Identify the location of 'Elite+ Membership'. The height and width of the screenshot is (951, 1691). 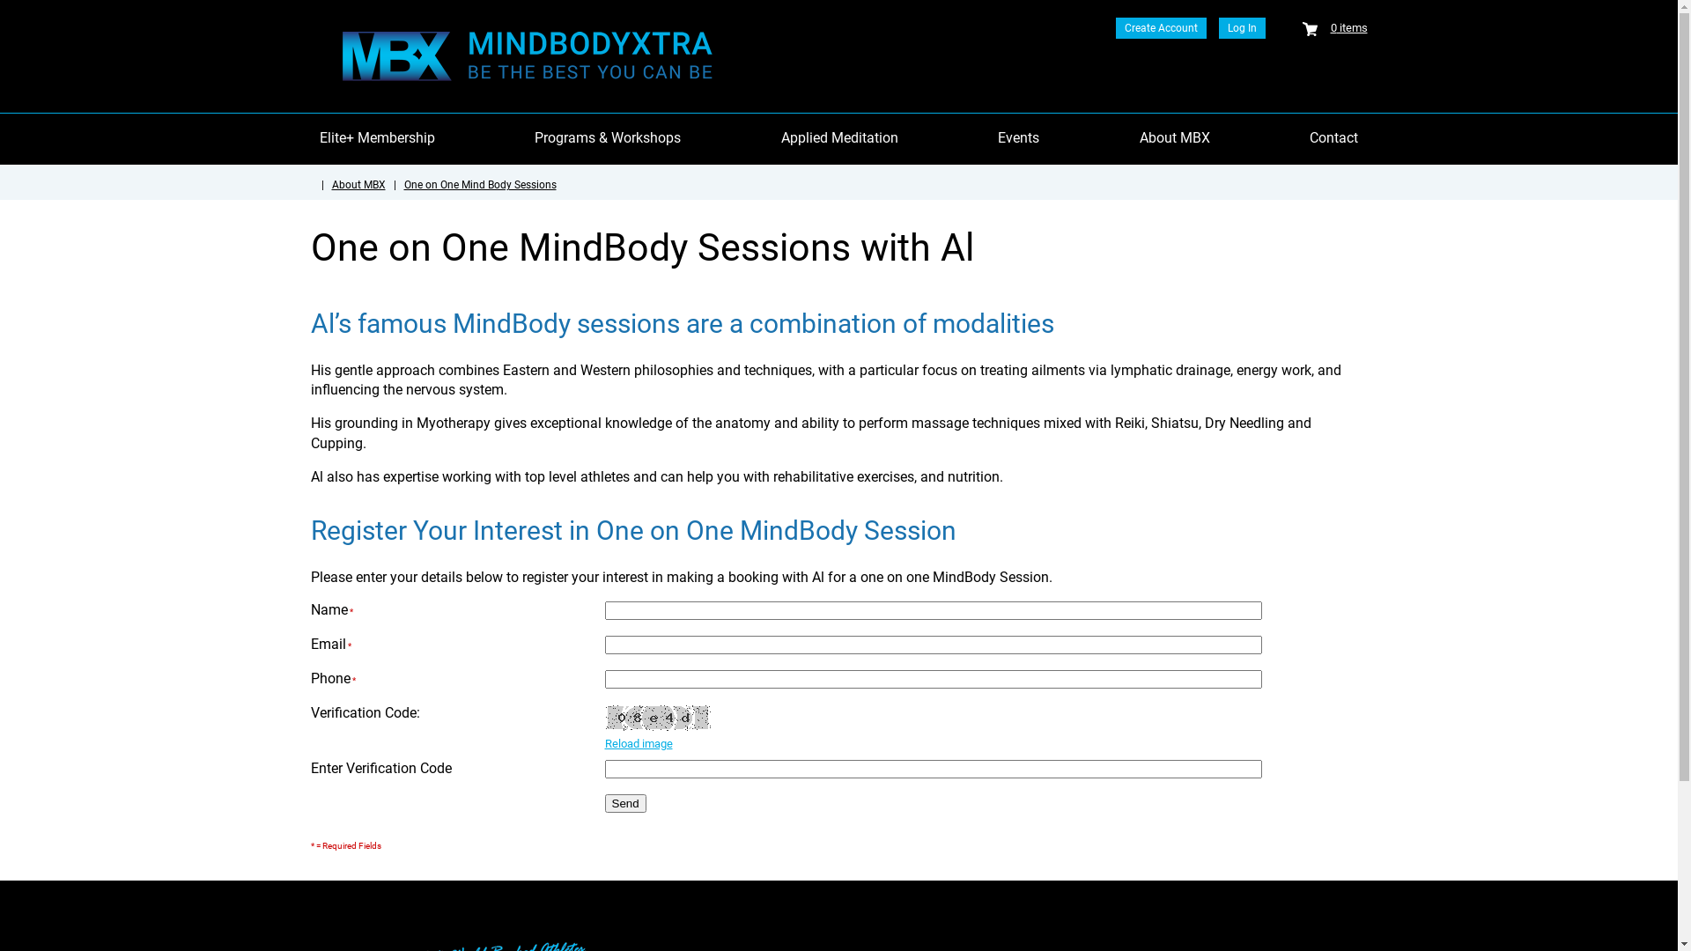
(375, 137).